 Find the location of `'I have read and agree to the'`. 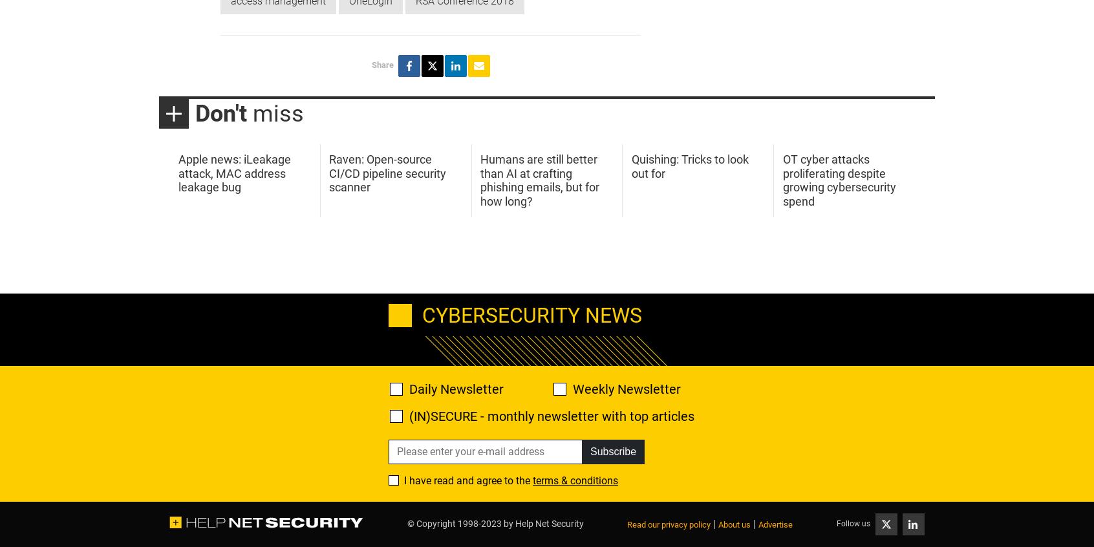

'I have read and agree to the' is located at coordinates (467, 479).